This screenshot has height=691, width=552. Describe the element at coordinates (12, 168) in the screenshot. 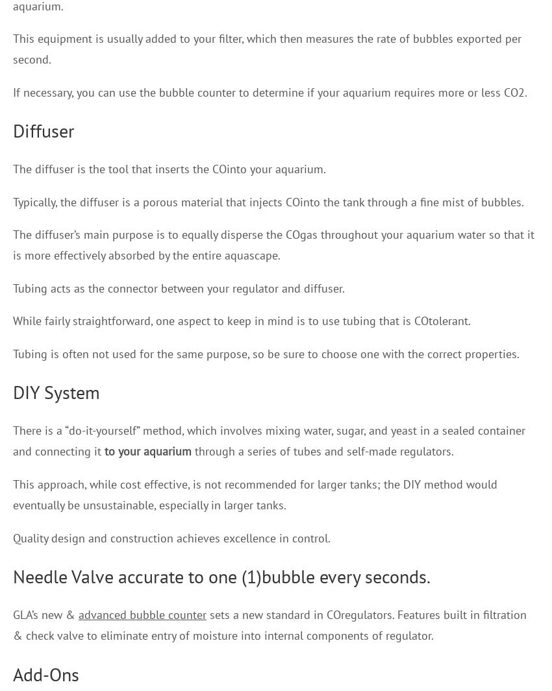

I see `'The diffuser is the tool that inserts the COinto your aquarium.'` at that location.